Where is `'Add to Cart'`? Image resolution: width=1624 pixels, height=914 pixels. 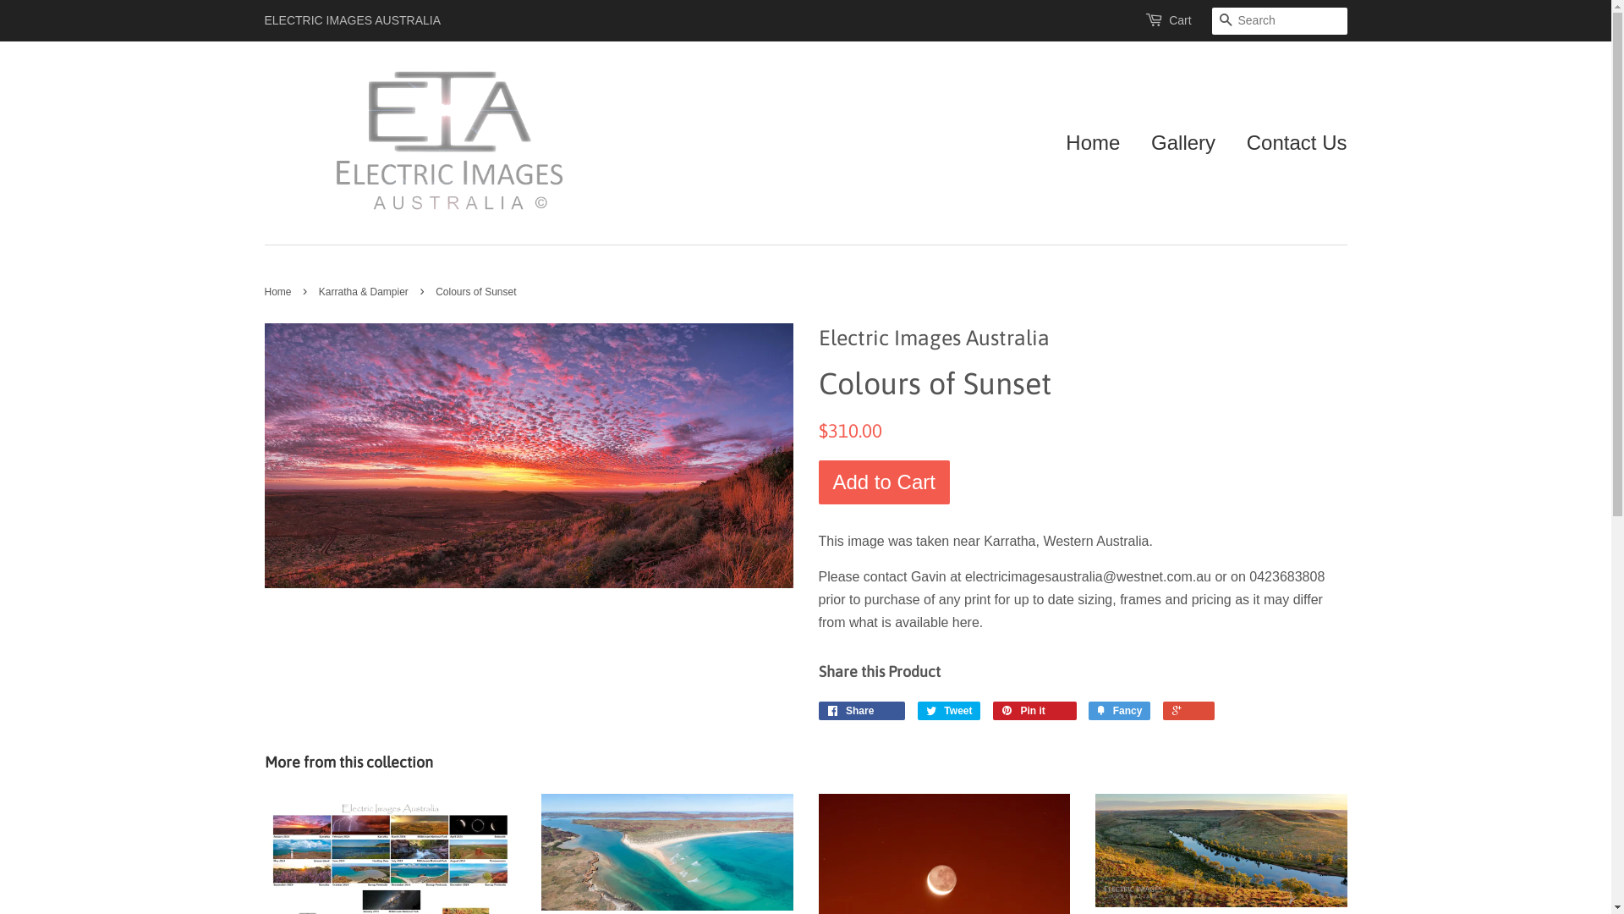
'Add to Cart' is located at coordinates (883, 482).